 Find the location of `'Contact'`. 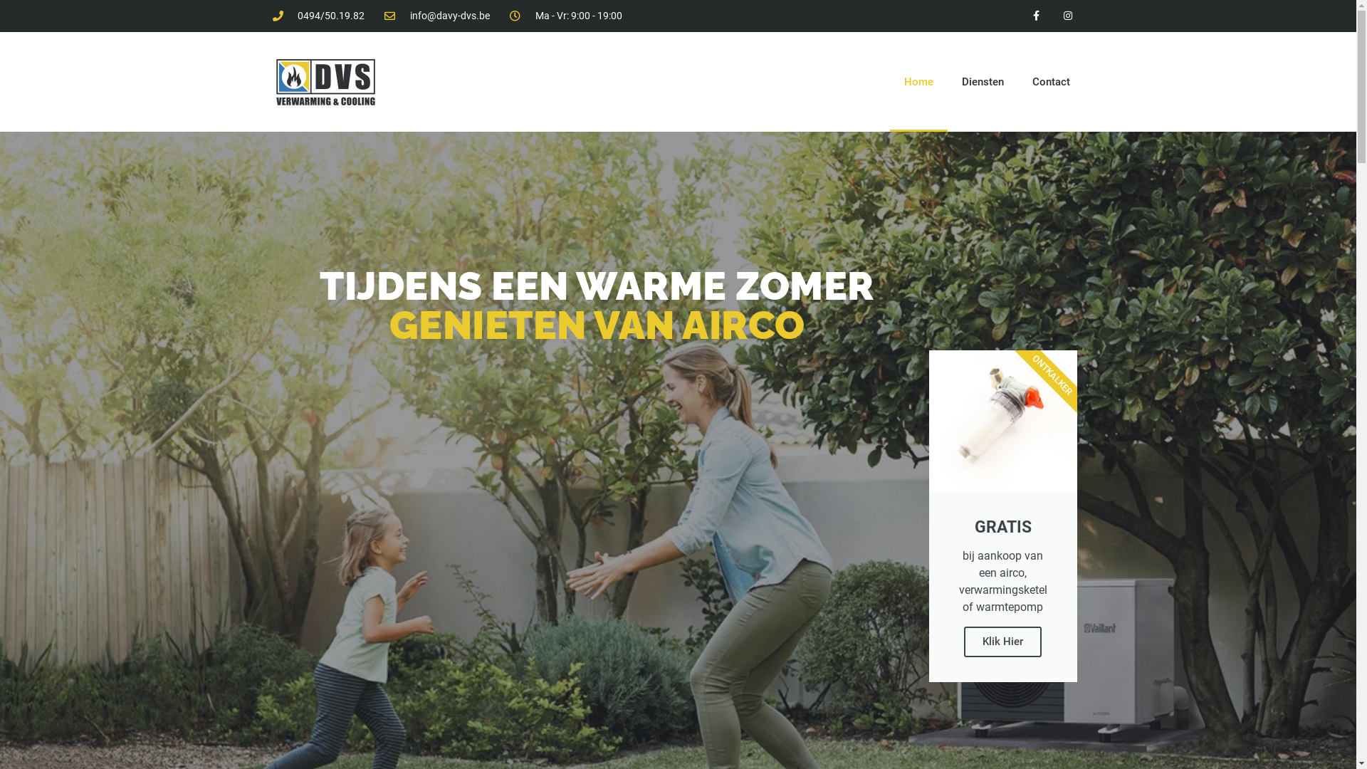

'Contact' is located at coordinates (1051, 82).